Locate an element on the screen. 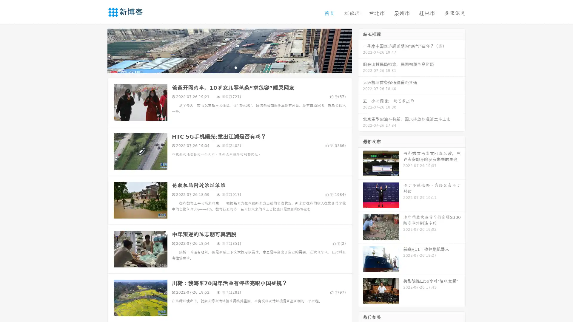  Previous slide is located at coordinates (98, 50).